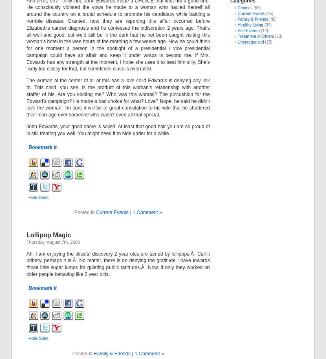  Describe the element at coordinates (272, 19) in the screenshot. I see `'(46)'` at that location.